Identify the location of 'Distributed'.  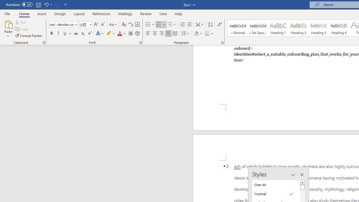
(175, 33).